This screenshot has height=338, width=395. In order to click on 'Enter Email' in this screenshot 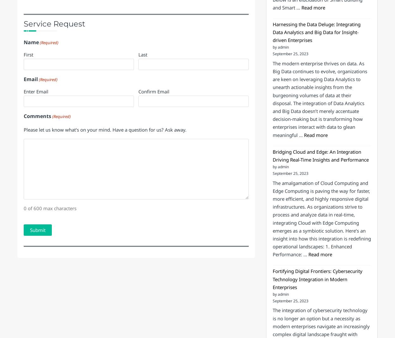, I will do `click(36, 143)`.